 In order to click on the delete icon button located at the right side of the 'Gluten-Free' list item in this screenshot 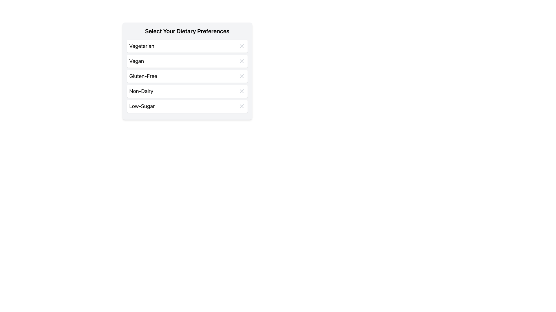, I will do `click(242, 76)`.